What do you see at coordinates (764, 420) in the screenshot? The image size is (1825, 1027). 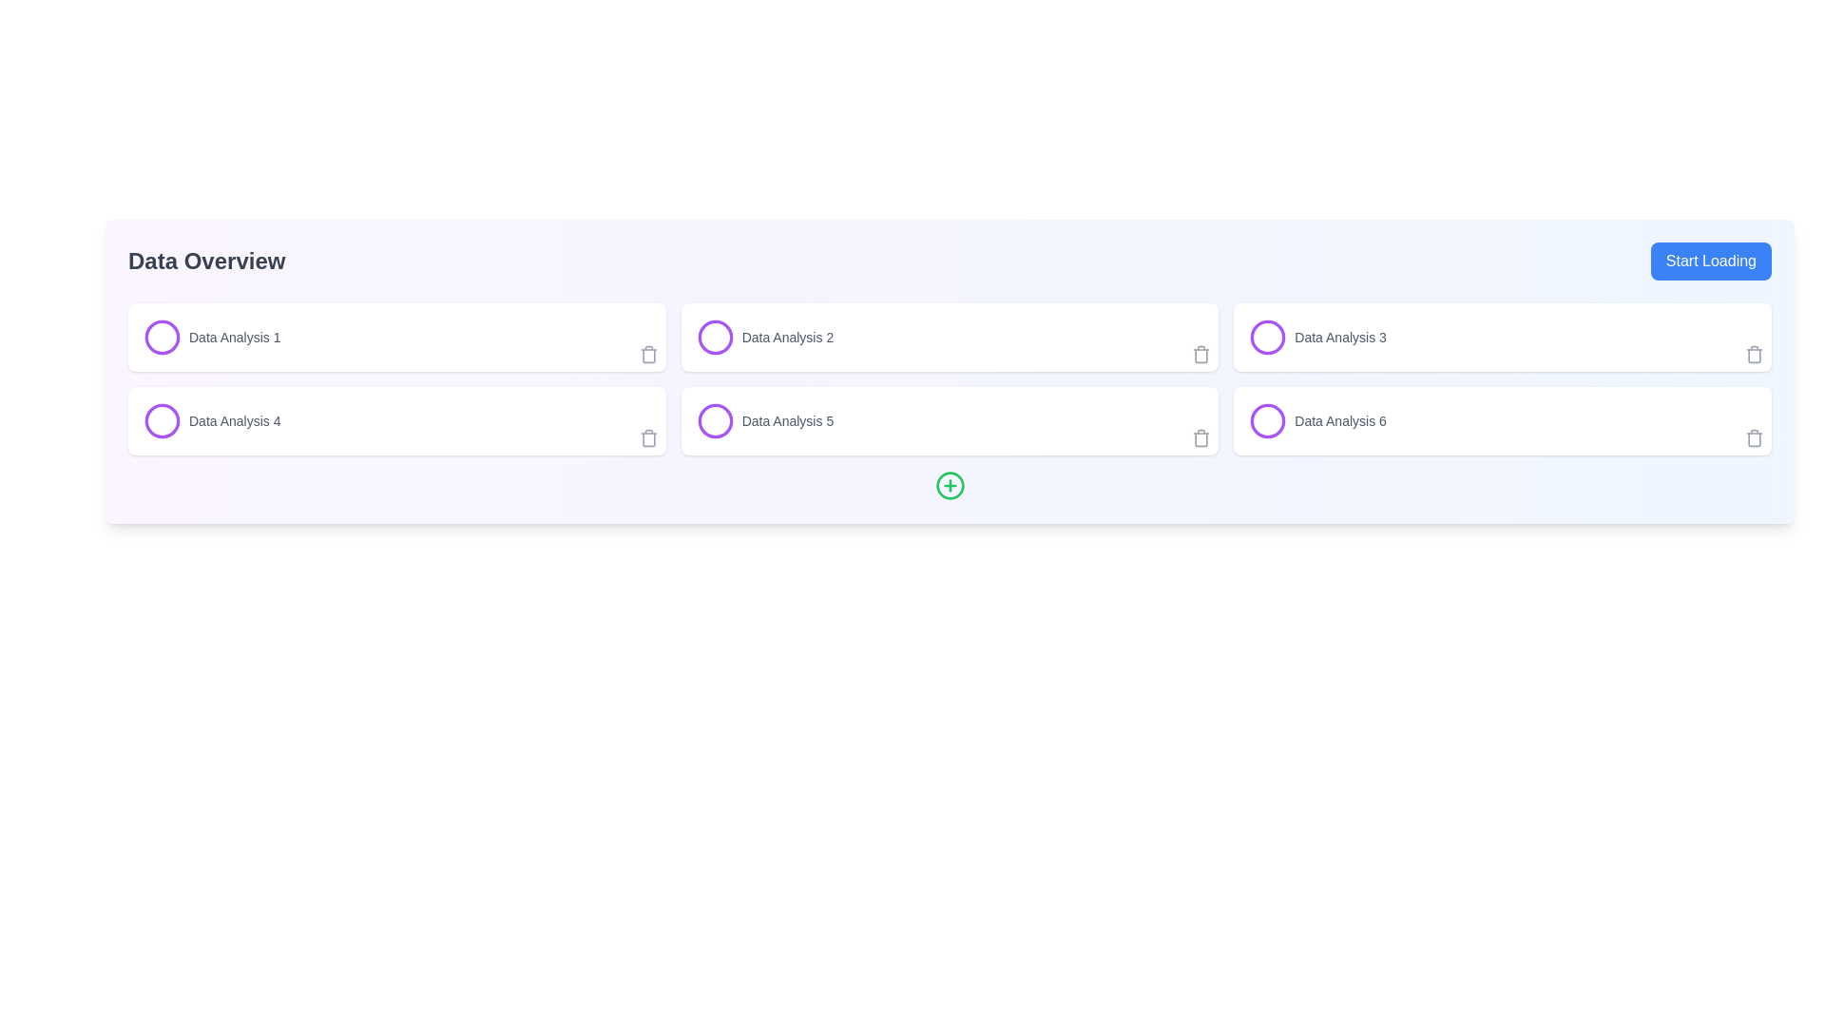 I see `the selectable item in the second row, second column of the 3x2 grid layout` at bounding box center [764, 420].